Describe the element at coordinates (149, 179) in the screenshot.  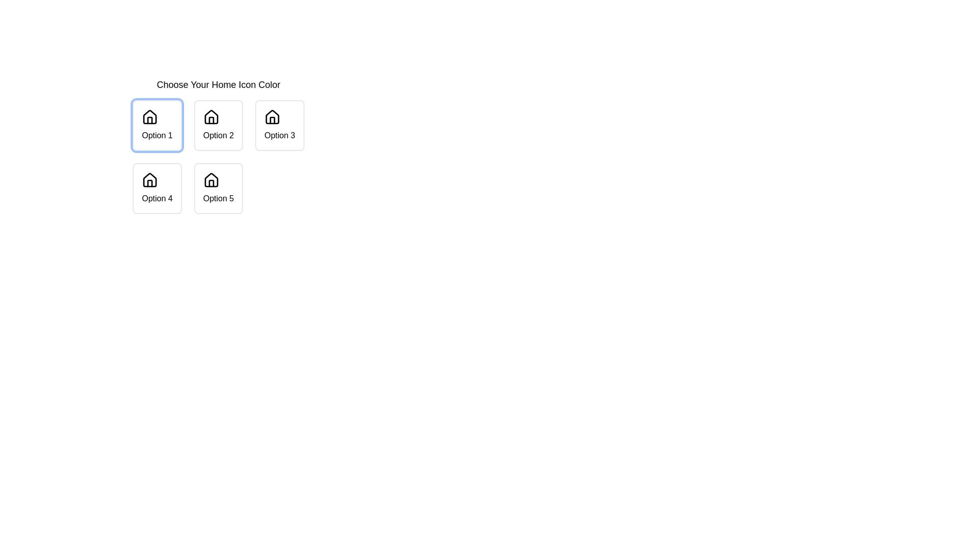
I see `the house icon located in the first row and first column of the 3x2 grid layout, which serves as a navigation element` at that location.